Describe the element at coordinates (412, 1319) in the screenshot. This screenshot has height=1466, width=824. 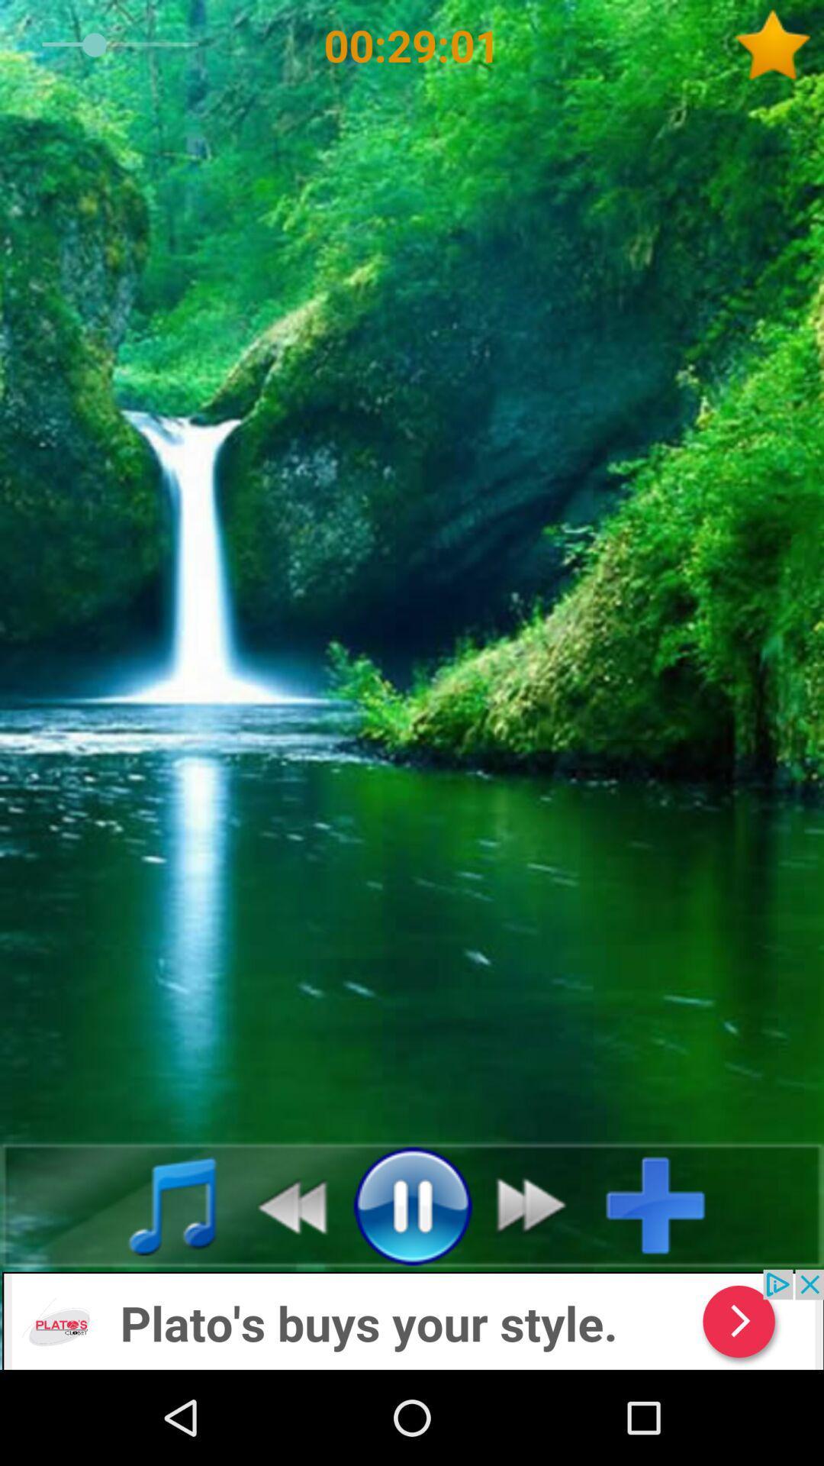
I see `show advertisements detail` at that location.